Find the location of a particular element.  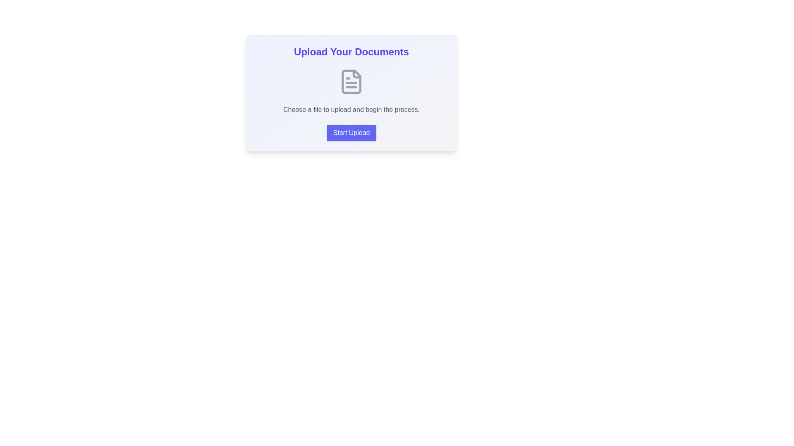

the Text Label that provides instructions for users, located below the 'Upload Your Documents' title and above the 'Start Upload' button is located at coordinates (351, 109).